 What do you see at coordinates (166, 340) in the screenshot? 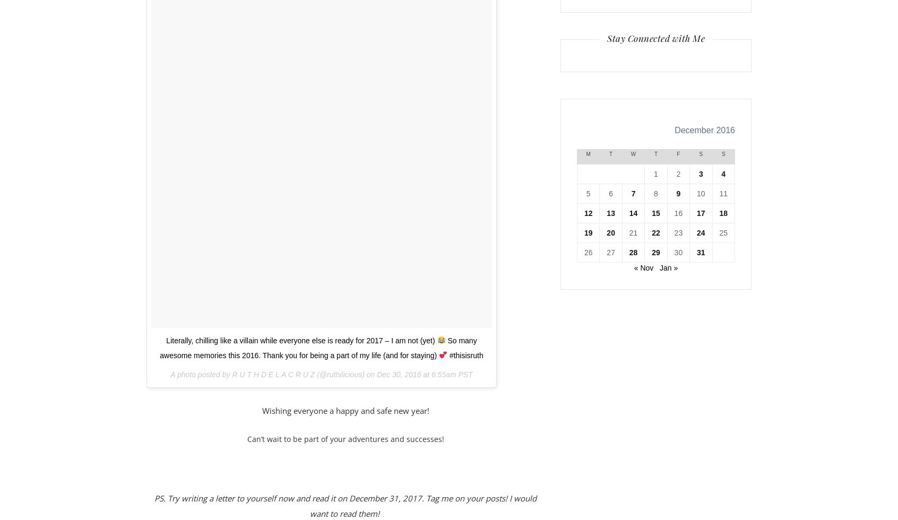
I see `'Literally, chilling​ like a villain while everyone else is ready for 2017 – I am not (yet)'` at bounding box center [166, 340].